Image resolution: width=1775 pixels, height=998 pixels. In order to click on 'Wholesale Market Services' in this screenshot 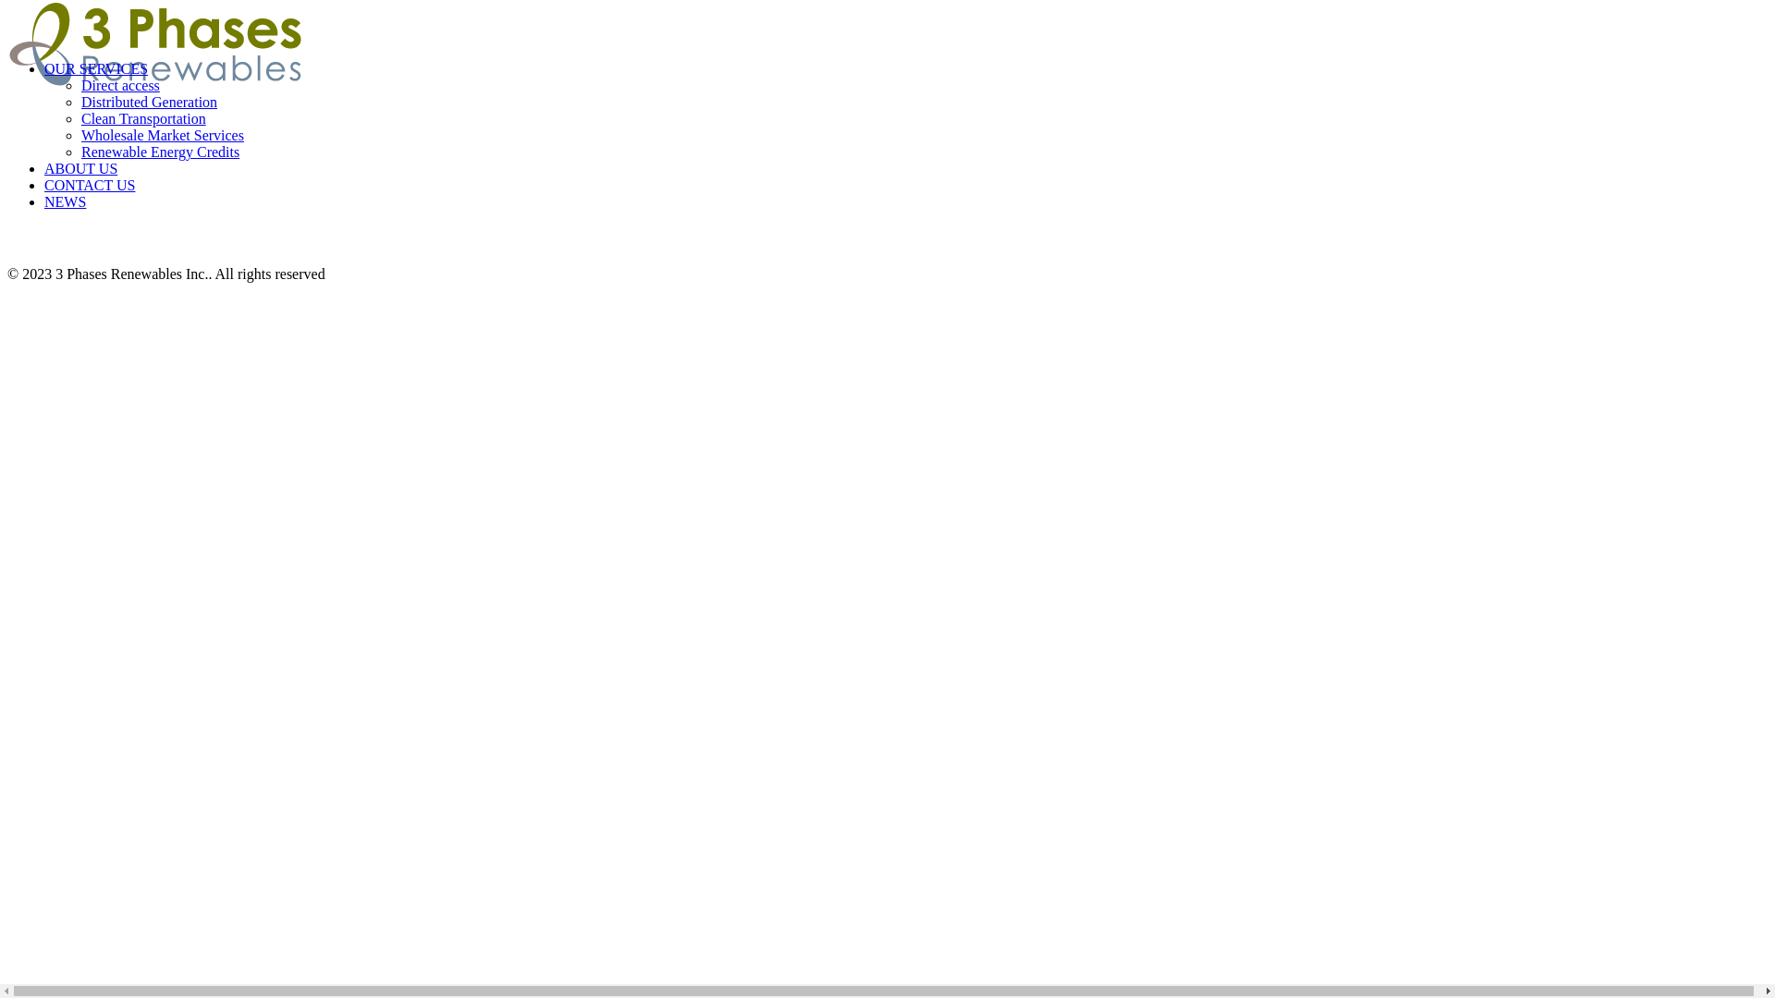, I will do `click(163, 134)`.